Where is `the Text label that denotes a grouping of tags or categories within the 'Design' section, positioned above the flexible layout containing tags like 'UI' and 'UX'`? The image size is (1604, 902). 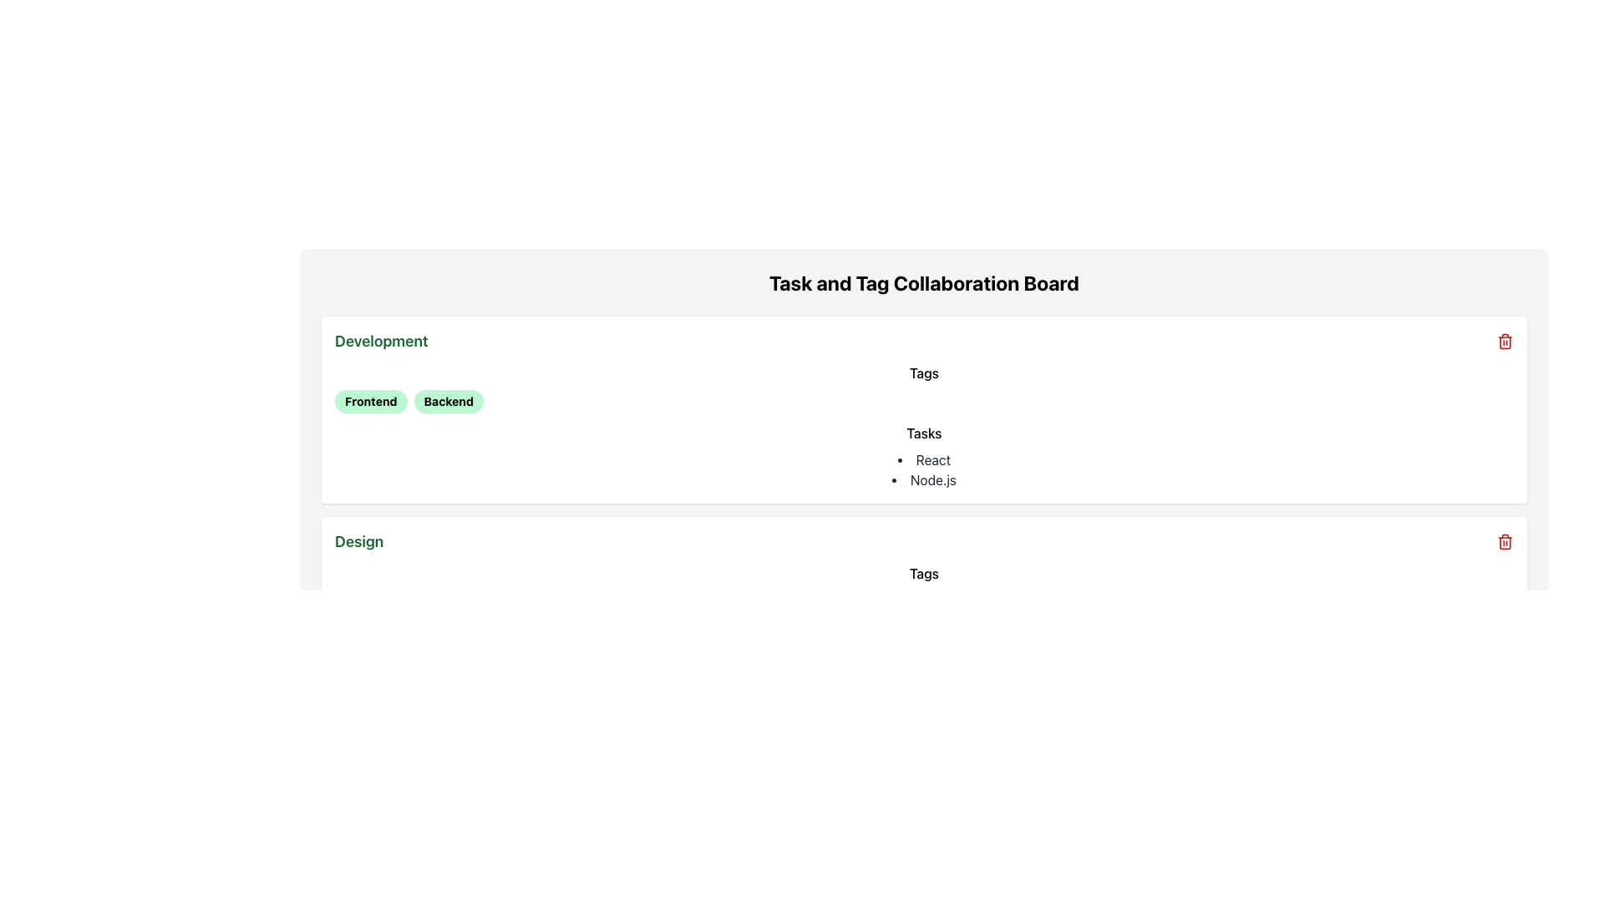
the Text label that denotes a grouping of tags or categories within the 'Design' section, positioned above the flexible layout containing tags like 'UI' and 'UX' is located at coordinates (923, 572).